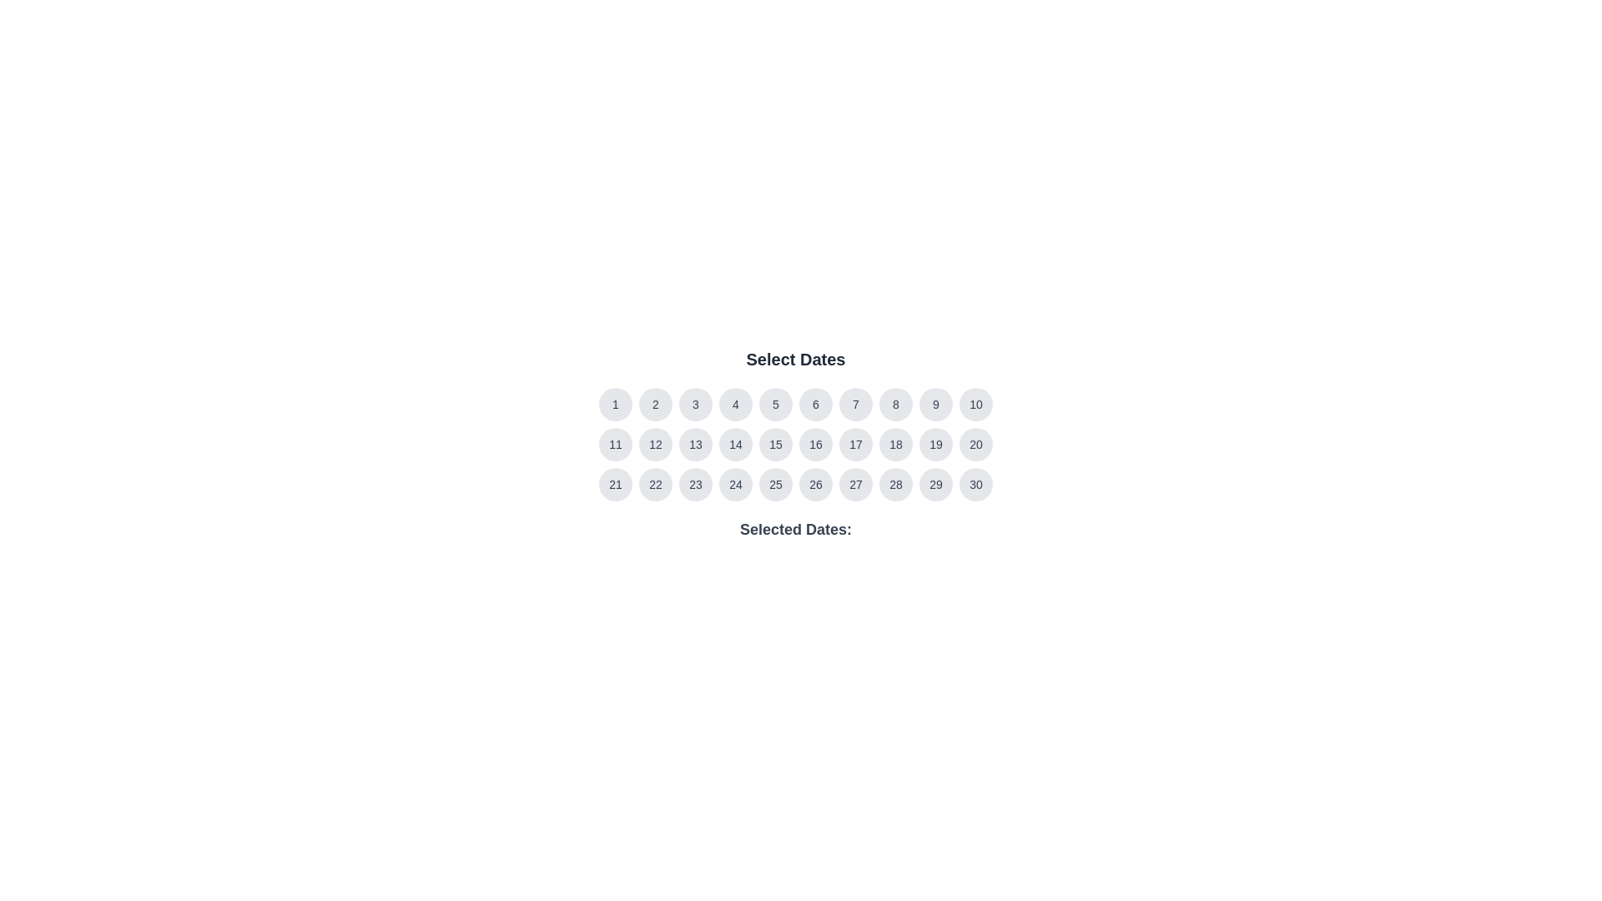 This screenshot has height=901, width=1602. I want to click on the Interactive calendar date selection grid to read the arrangement of days visually, so click(795, 443).